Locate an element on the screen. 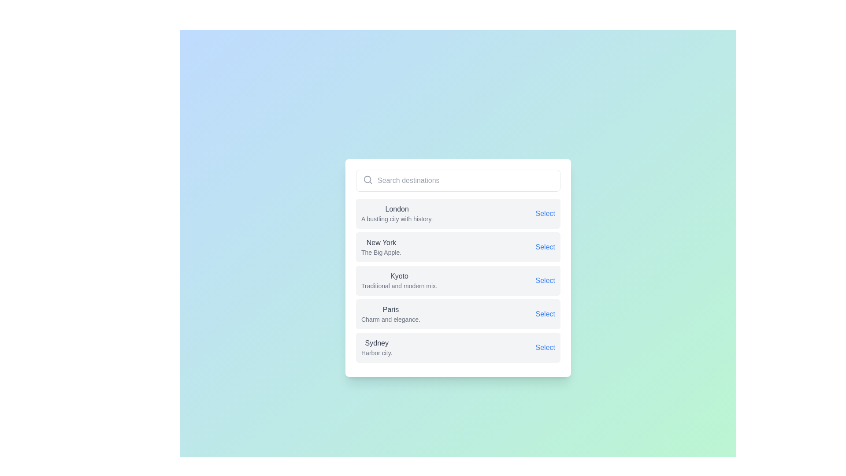  the non-interactive text label displaying 'The Big Apple.' which is located below the text 'New York' and aligned left with it is located at coordinates (381, 253).